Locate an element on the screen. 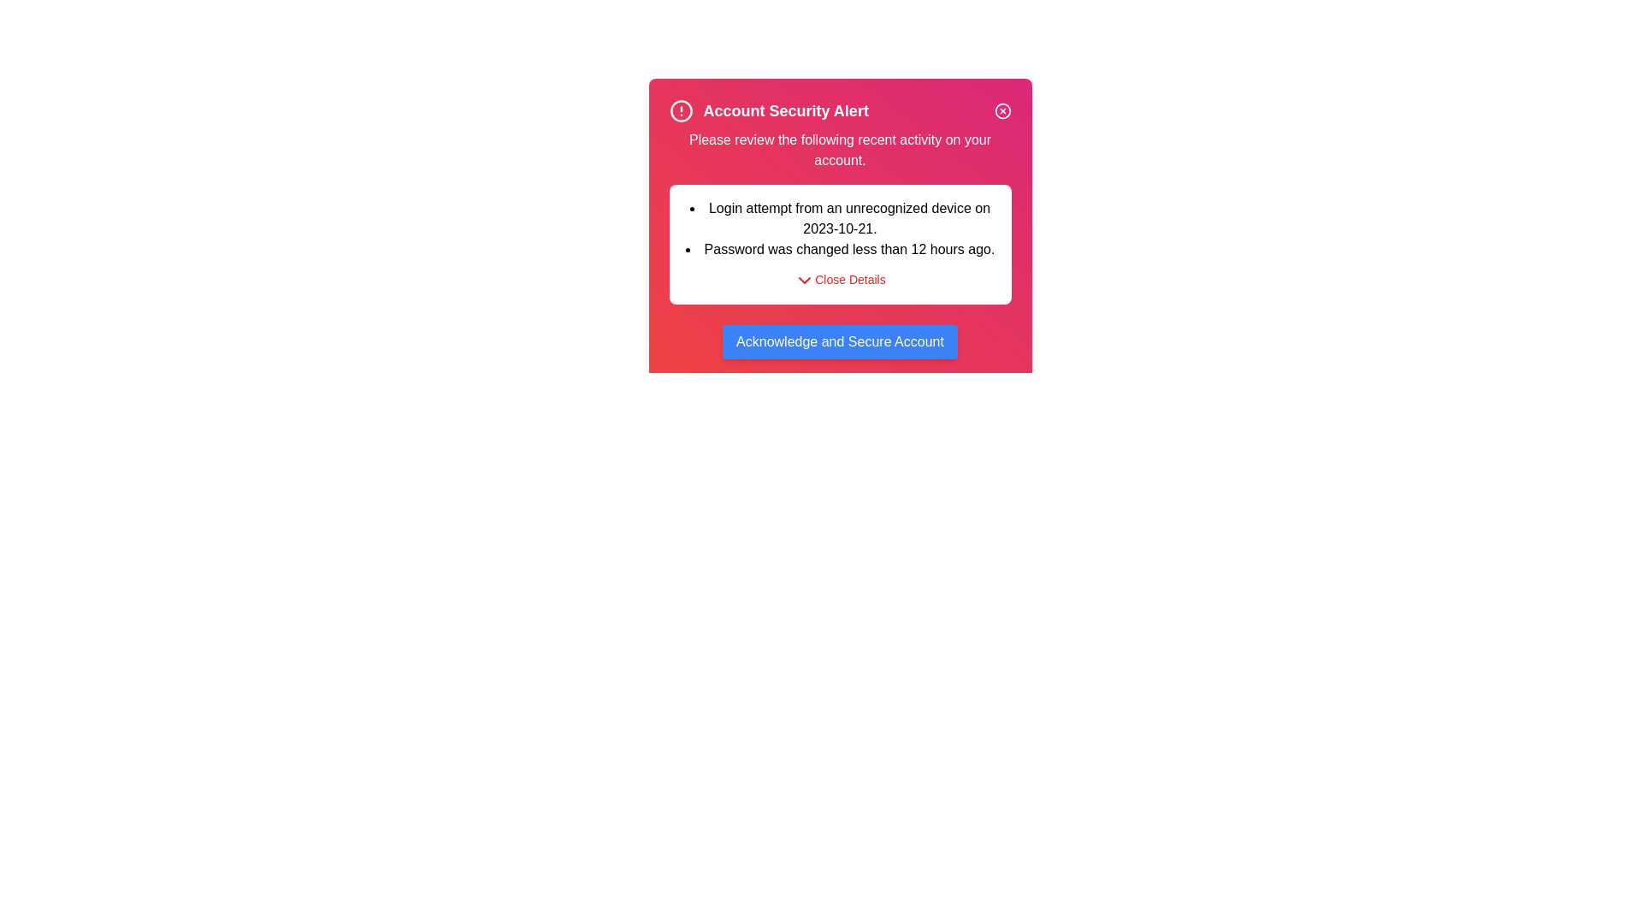 The image size is (1642, 924). the Close button with an 'X' icon located at the top-right corner of the alert box, adjacent to the 'Account Security Alert' text is located at coordinates (1002, 111).